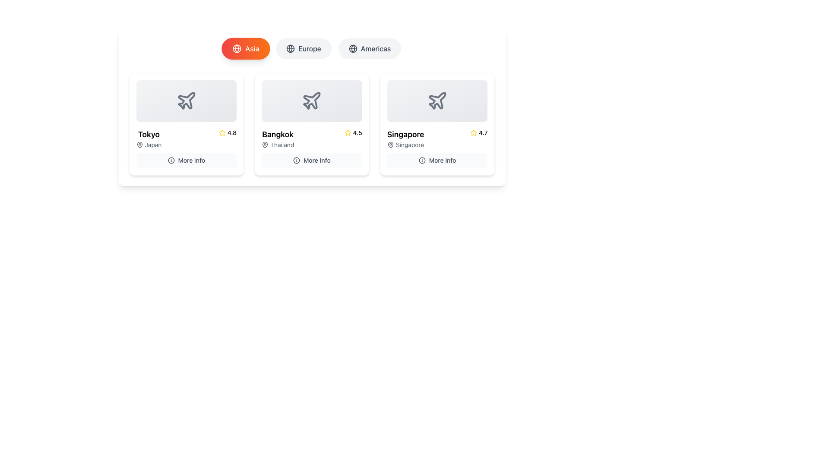  I want to click on the minimalistic plane-shaped vector icon located in the second card representing Bangkok to trigger a color change, so click(311, 101).